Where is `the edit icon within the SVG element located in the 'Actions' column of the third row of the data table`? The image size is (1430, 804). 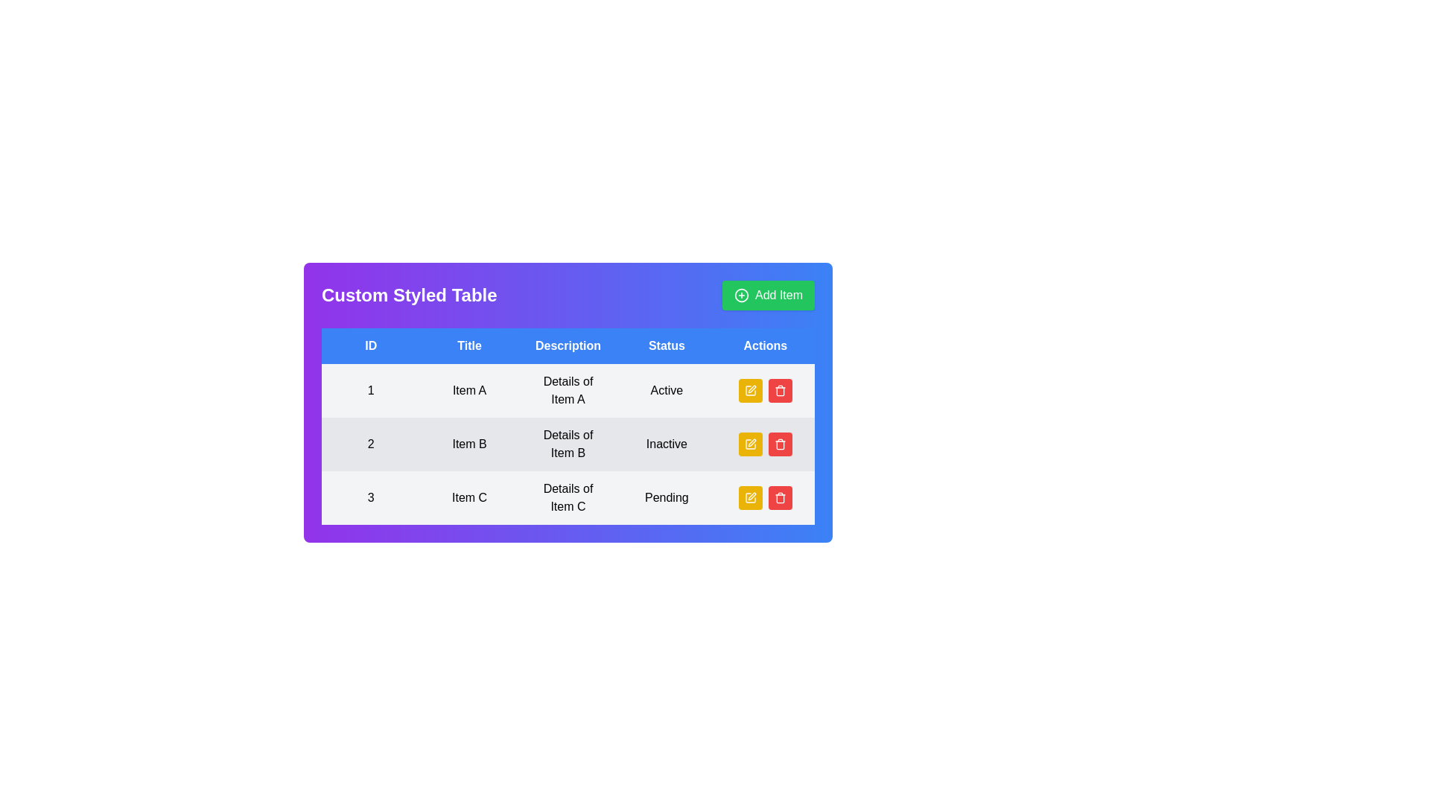 the edit icon within the SVG element located in the 'Actions' column of the third row of the data table is located at coordinates (750, 389).